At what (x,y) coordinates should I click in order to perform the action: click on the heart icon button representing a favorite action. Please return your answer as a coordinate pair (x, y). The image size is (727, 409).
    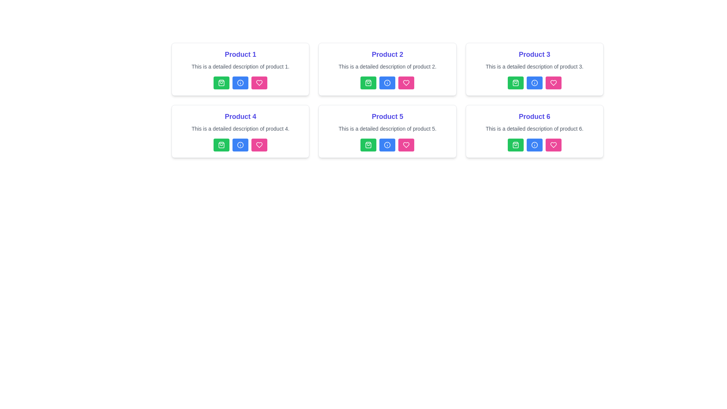
    Looking at the image, I should click on (406, 83).